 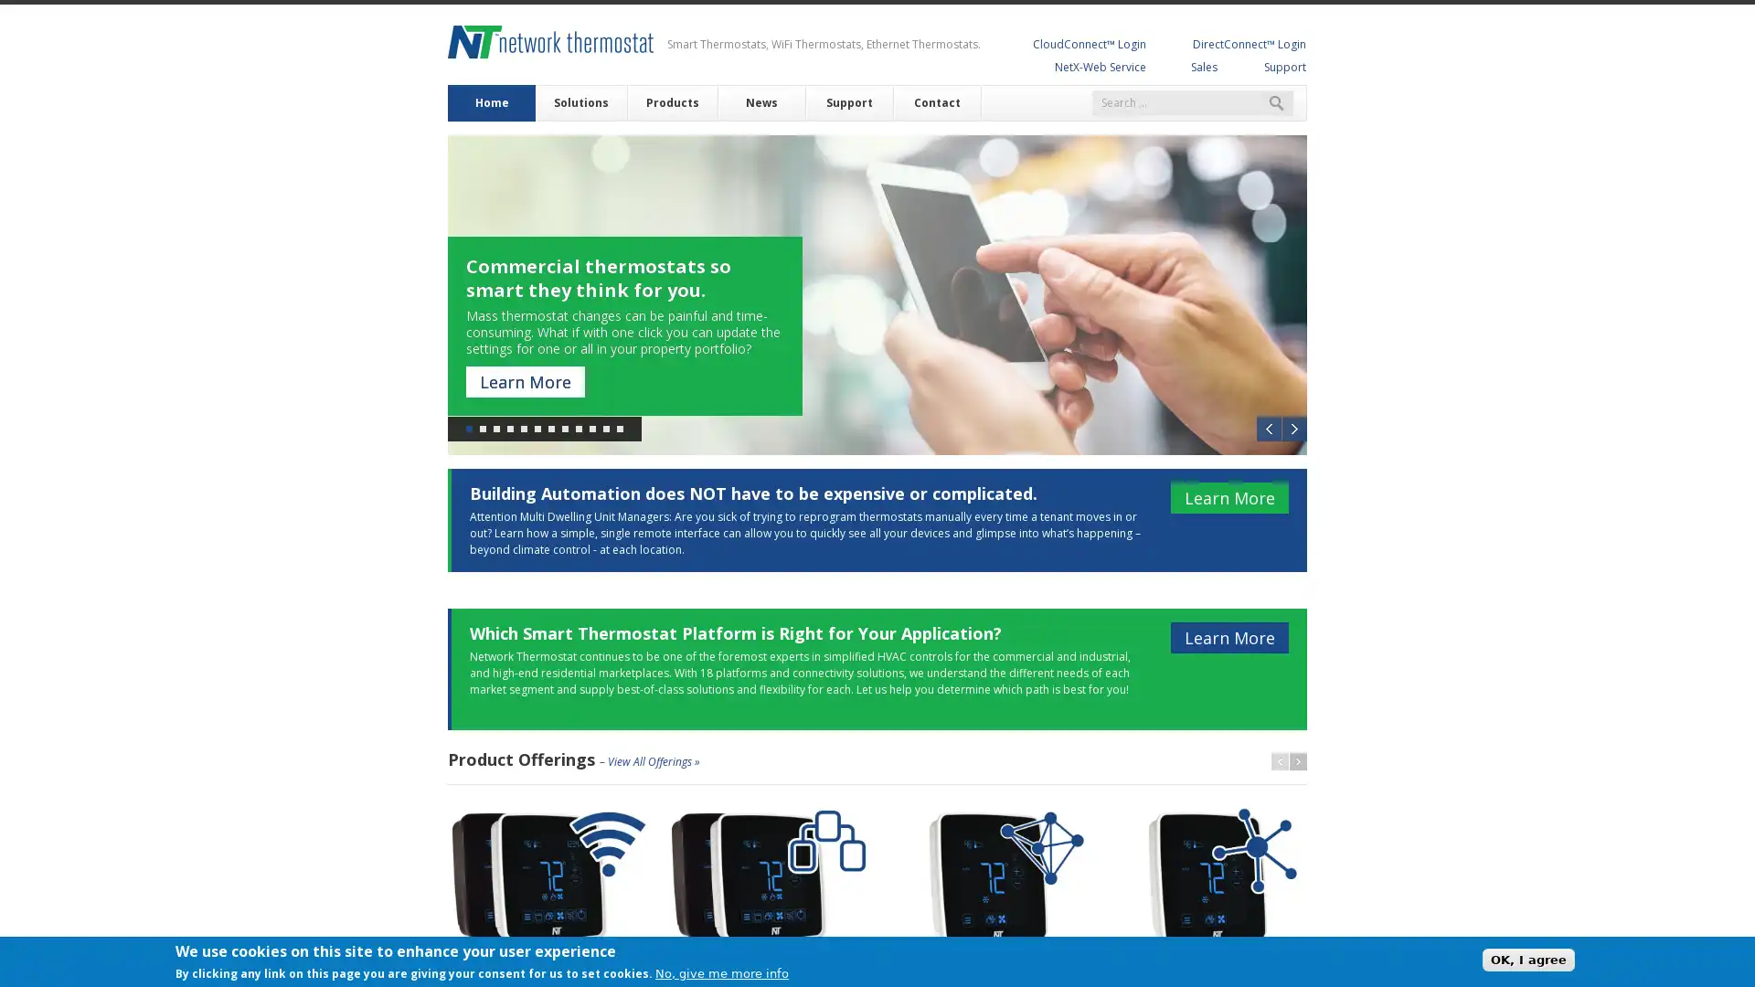 I want to click on No, give me more info, so click(x=721, y=972).